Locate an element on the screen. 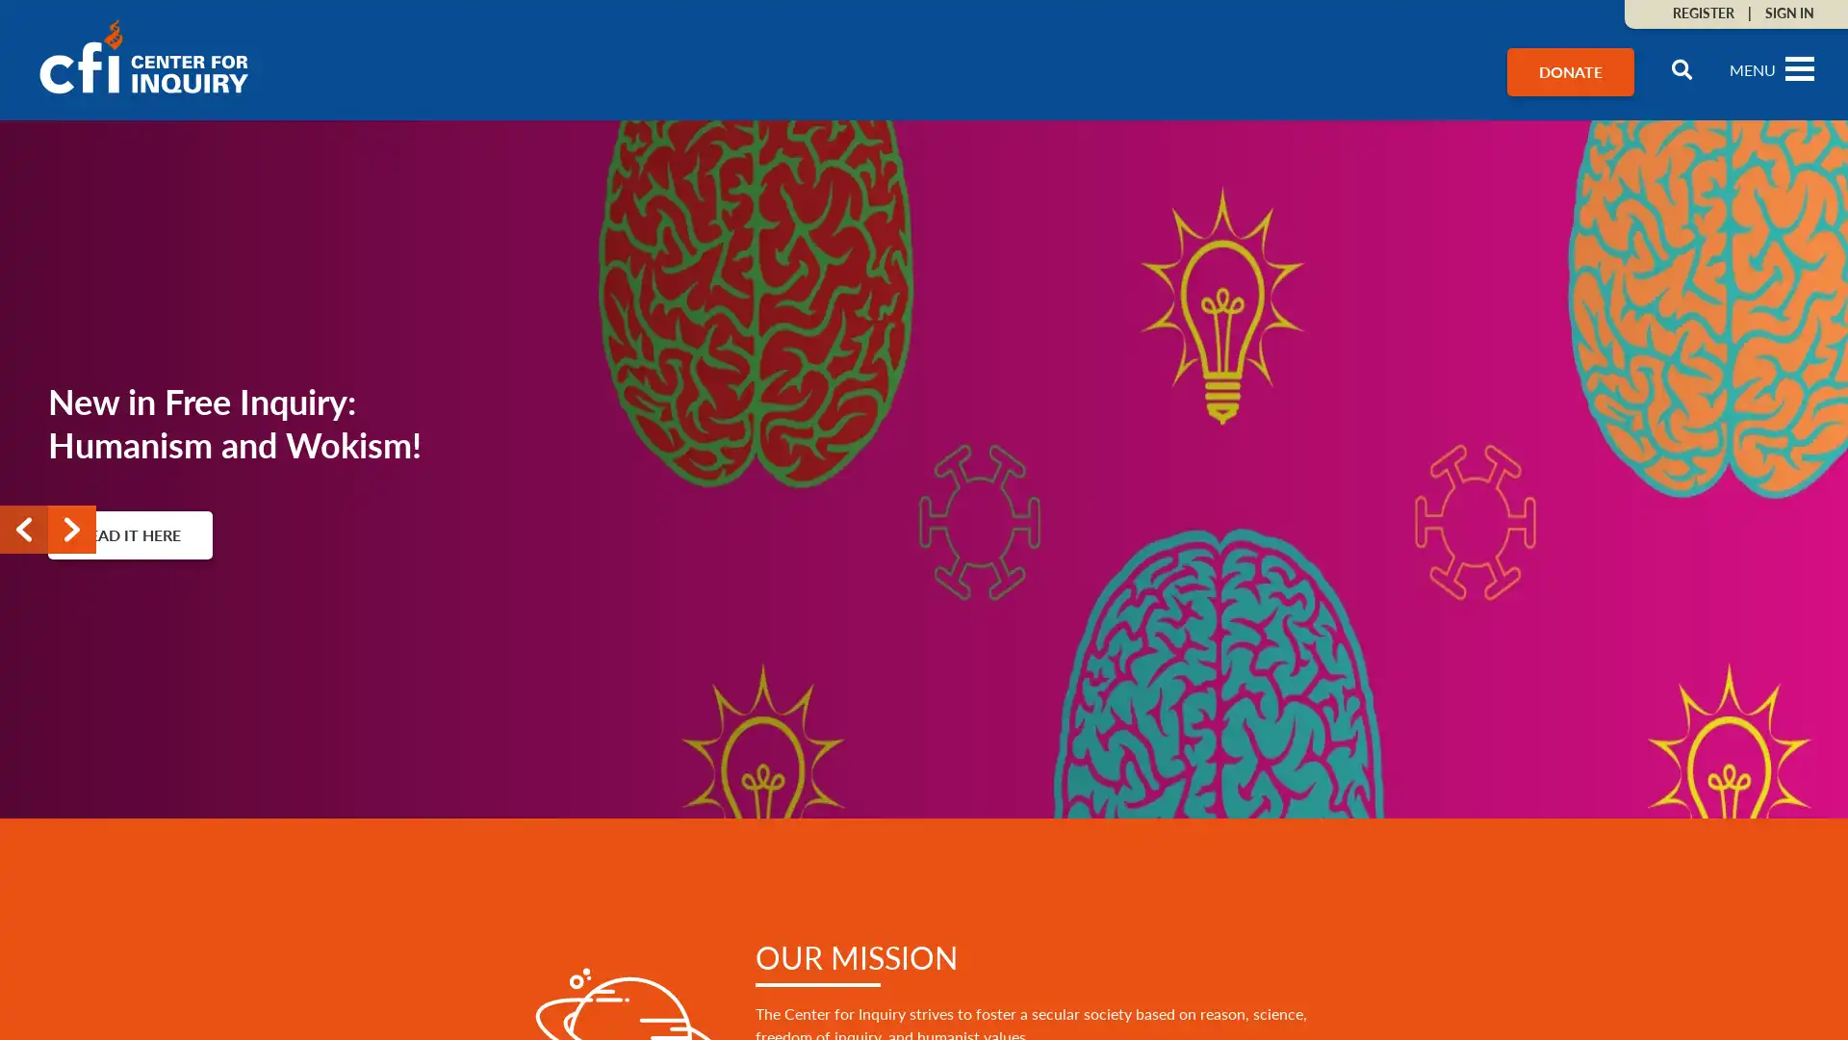 This screenshot has width=1848, height=1040. DONATE is located at coordinates (1571, 70).